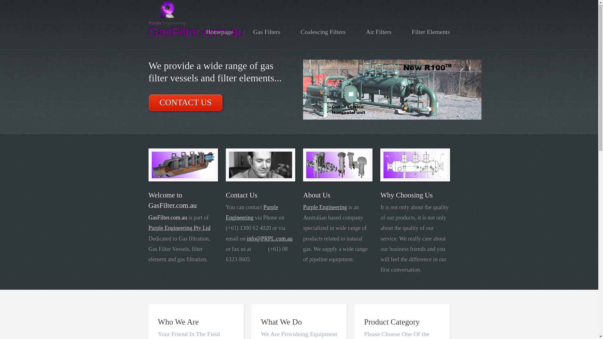 The image size is (603, 339). Describe the element at coordinates (220, 32) in the screenshot. I see `'Homepage'` at that location.